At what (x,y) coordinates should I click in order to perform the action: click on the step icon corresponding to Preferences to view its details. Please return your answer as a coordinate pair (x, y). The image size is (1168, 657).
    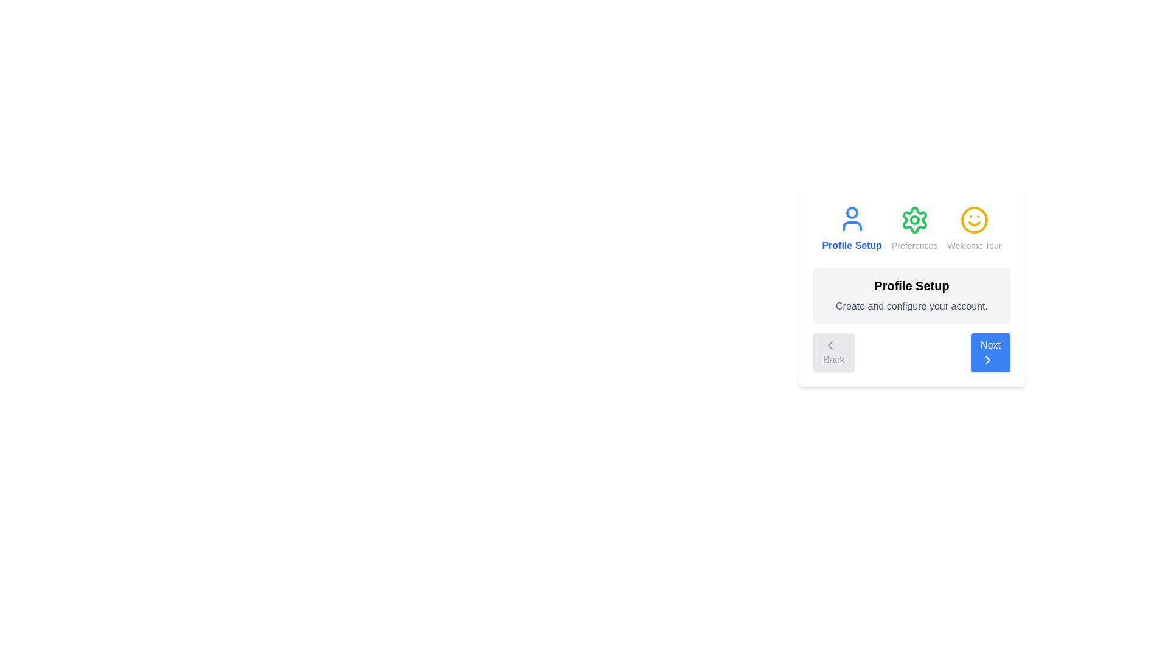
    Looking at the image, I should click on (914, 228).